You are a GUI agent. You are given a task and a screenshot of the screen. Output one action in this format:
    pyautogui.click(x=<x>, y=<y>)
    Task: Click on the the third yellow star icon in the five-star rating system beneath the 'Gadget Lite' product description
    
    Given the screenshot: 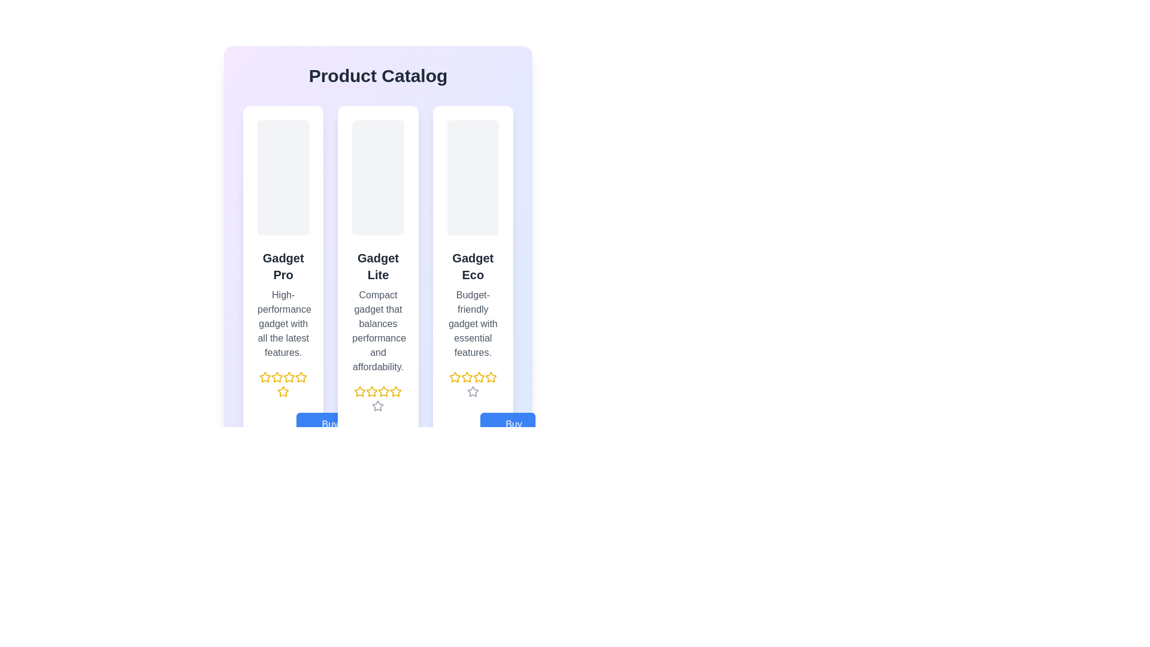 What is the action you would take?
    pyautogui.click(x=384, y=391)
    